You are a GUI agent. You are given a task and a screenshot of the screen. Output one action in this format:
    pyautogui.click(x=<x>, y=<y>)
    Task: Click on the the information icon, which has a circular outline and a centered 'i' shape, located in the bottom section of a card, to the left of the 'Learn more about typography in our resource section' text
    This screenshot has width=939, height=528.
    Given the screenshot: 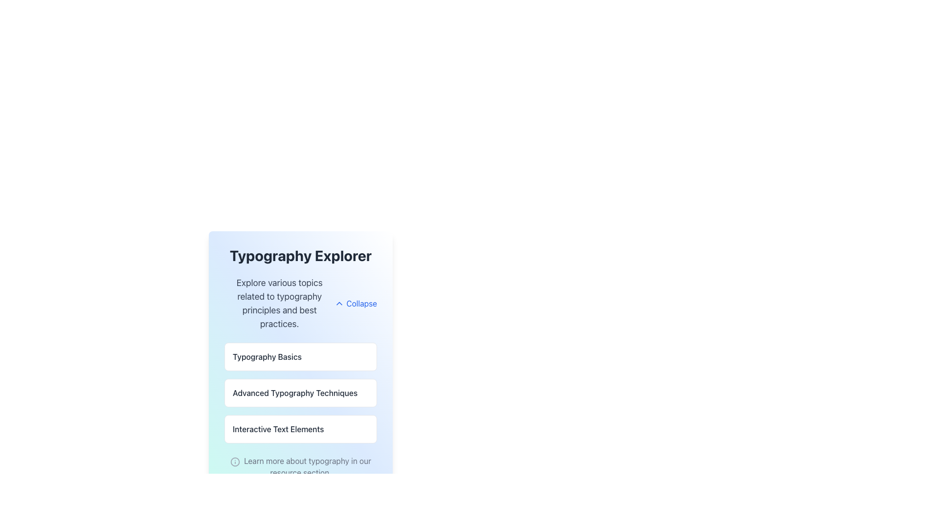 What is the action you would take?
    pyautogui.click(x=235, y=462)
    